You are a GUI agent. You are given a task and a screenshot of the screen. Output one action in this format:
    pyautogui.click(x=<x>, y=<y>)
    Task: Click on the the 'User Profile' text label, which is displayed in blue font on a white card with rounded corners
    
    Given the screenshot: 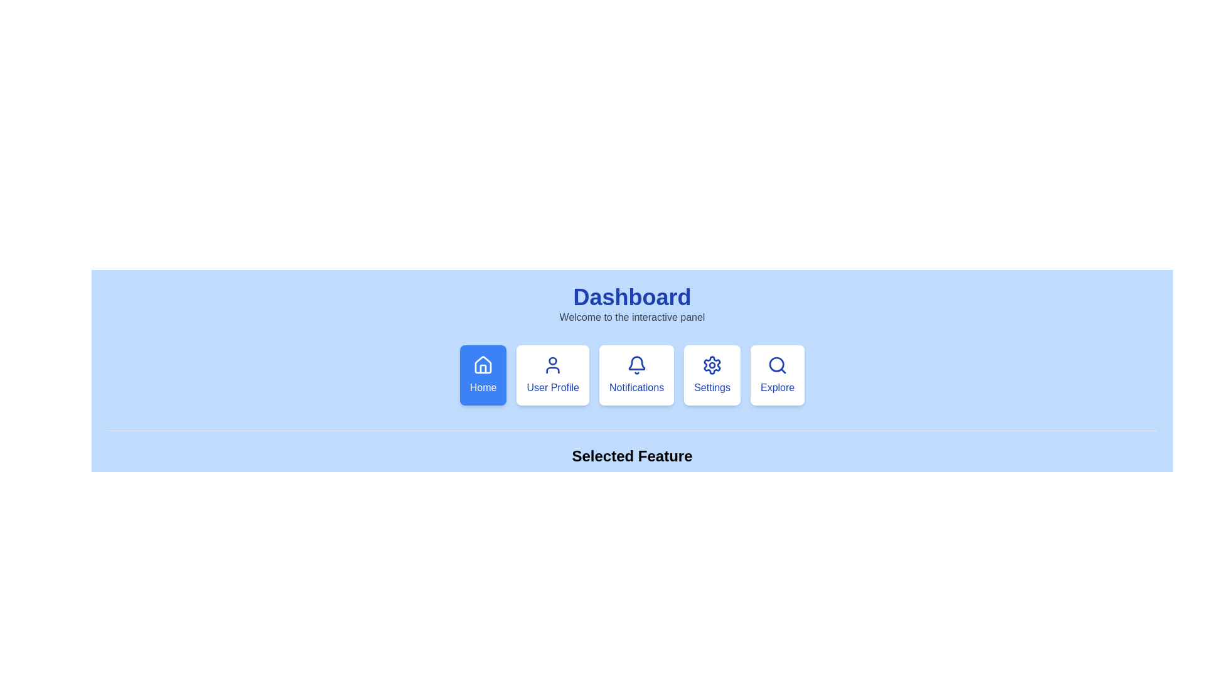 What is the action you would take?
    pyautogui.click(x=552, y=387)
    